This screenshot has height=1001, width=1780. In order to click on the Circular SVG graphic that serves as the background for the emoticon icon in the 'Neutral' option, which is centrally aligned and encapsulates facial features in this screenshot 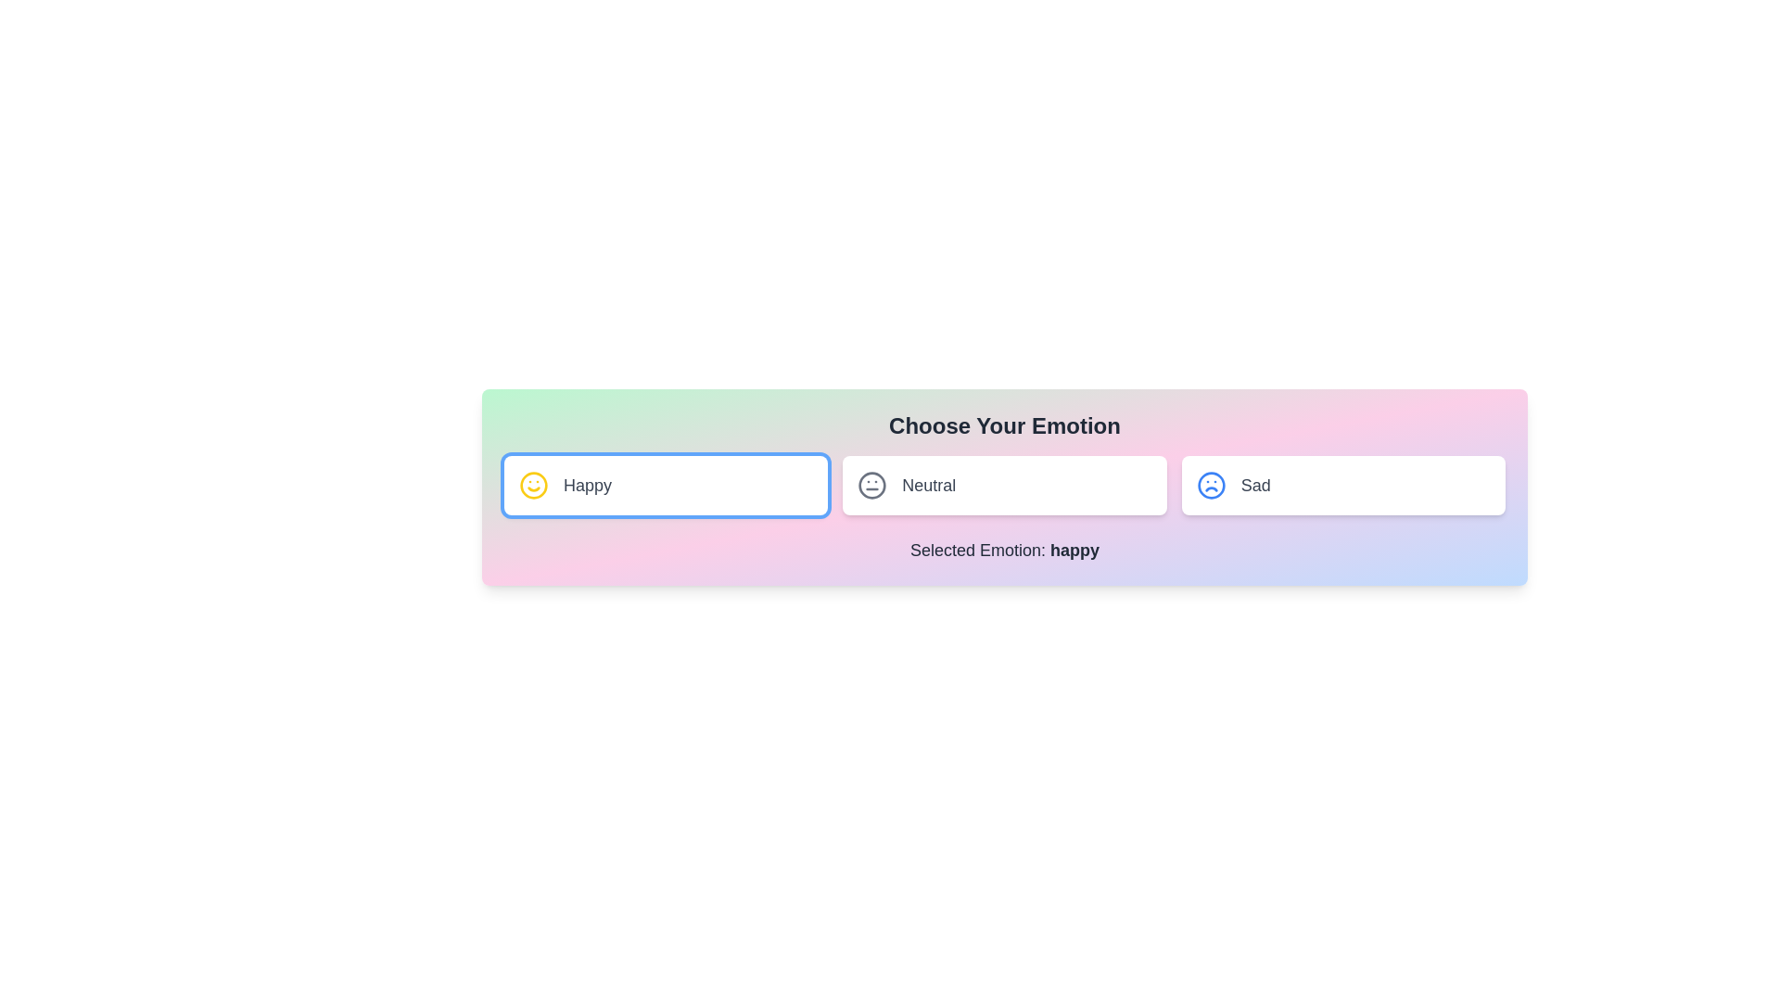, I will do `click(871, 485)`.